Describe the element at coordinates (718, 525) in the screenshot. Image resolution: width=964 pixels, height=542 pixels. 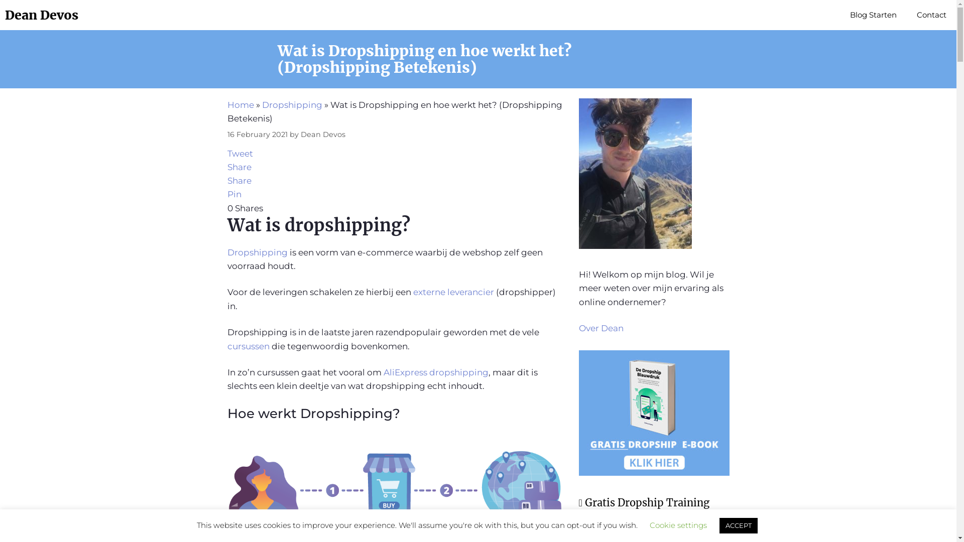
I see `'ACCEPT'` at that location.